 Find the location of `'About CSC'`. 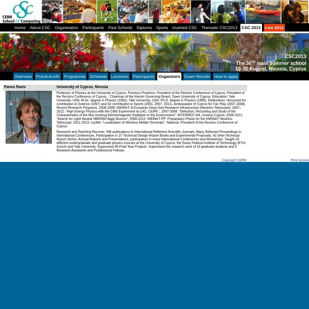

'About CSC' is located at coordinates (29, 27).